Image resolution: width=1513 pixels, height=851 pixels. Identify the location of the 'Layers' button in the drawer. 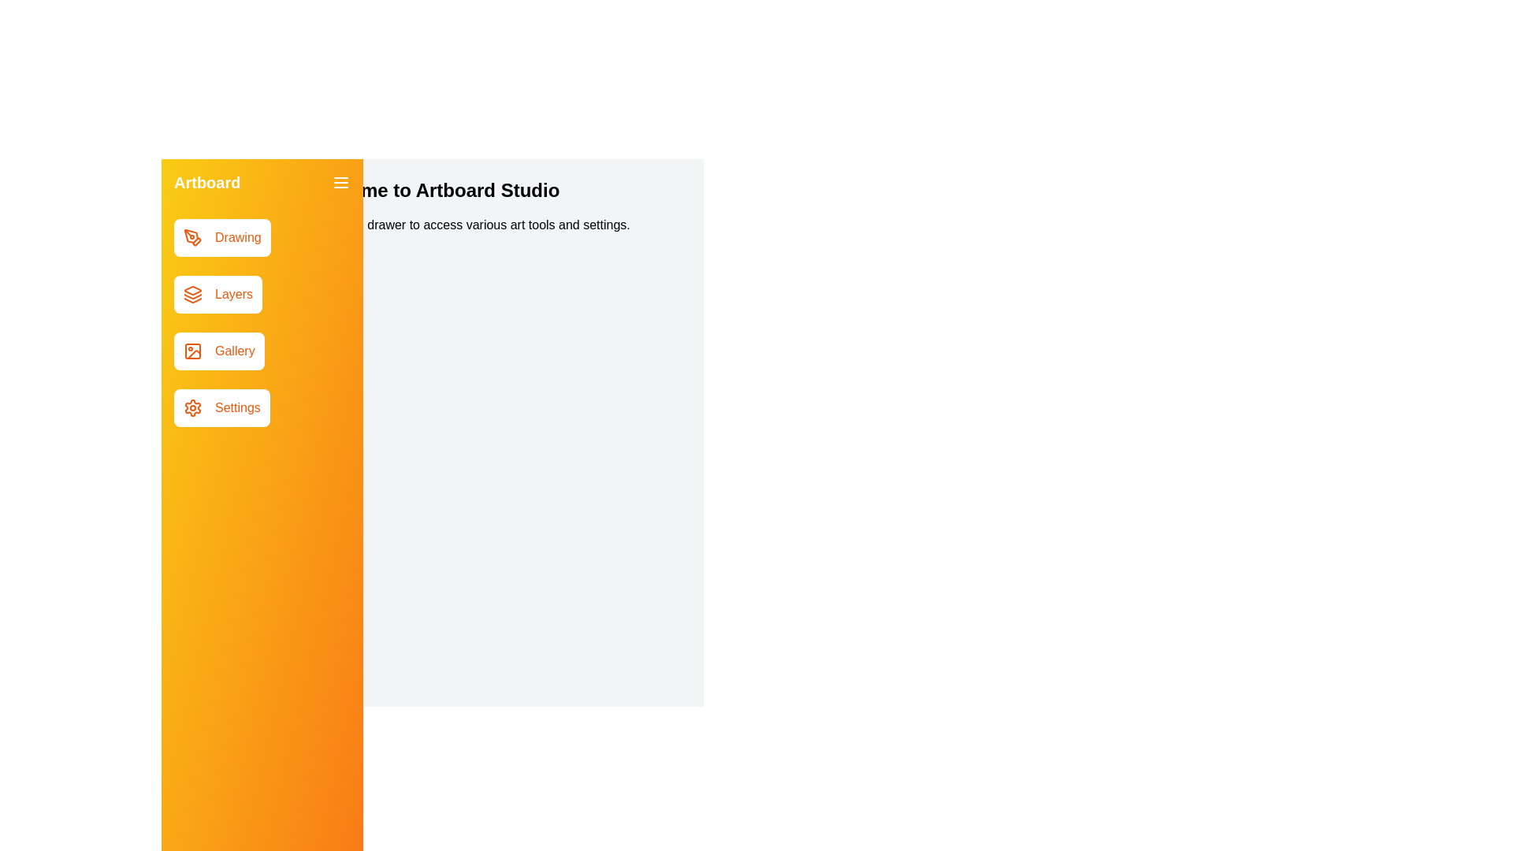
(217, 295).